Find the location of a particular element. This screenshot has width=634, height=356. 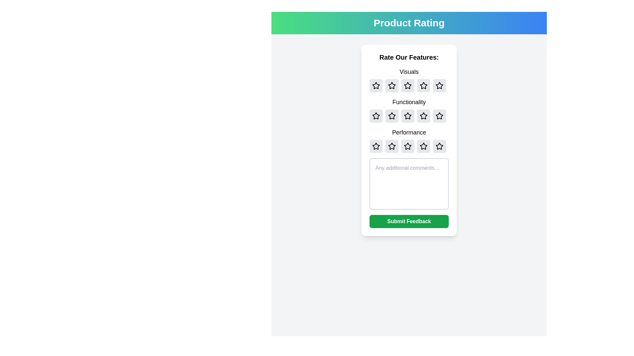

the first star icon in the 'Rate Our Features' section to rate 'Functionality' is located at coordinates (376, 115).